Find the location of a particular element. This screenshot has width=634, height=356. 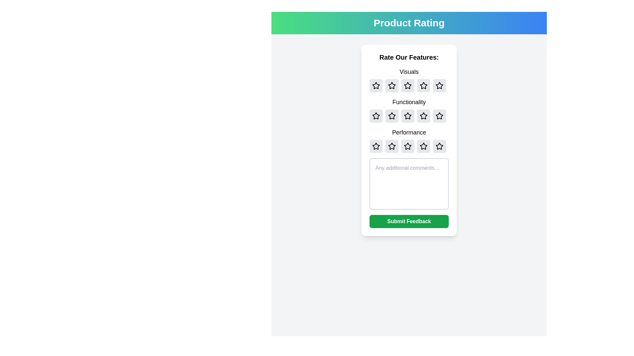

the first star icon in the 'Rate Our Features' section to rate 'Functionality' is located at coordinates (376, 115).